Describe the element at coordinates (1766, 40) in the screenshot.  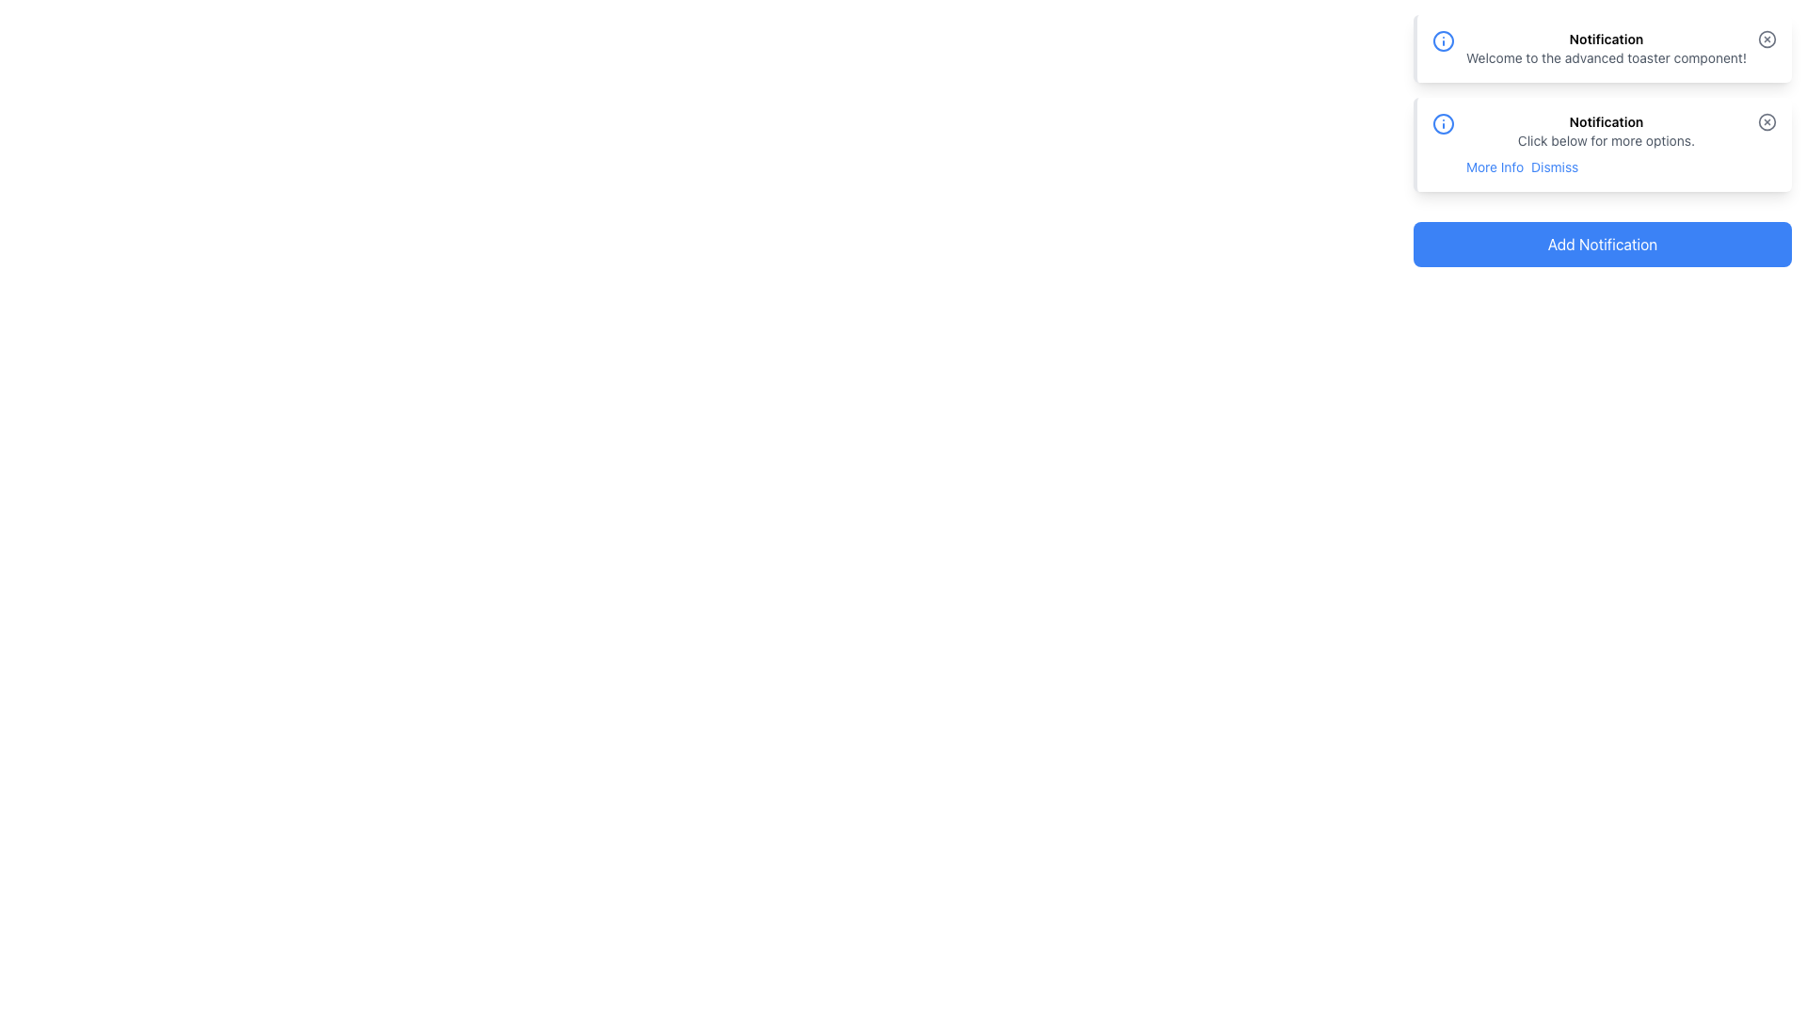
I see `the dismiss button located in the top-right corner of the notification card containing the title 'Notification' and the message 'Welcome to the advanced toaster component!'` at that location.